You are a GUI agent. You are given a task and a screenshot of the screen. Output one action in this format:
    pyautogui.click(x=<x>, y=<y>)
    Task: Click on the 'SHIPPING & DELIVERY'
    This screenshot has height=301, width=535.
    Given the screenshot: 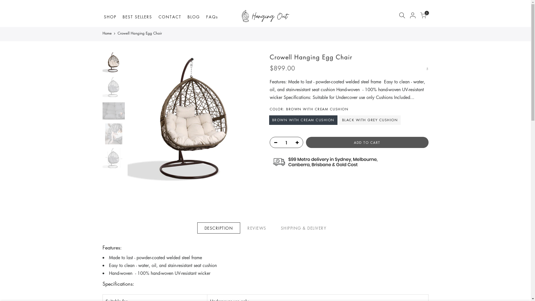 What is the action you would take?
    pyautogui.click(x=303, y=228)
    